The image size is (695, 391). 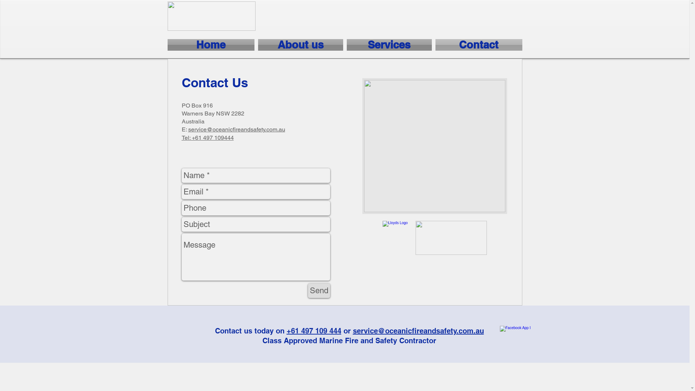 What do you see at coordinates (211, 45) in the screenshot?
I see `'Home'` at bounding box center [211, 45].